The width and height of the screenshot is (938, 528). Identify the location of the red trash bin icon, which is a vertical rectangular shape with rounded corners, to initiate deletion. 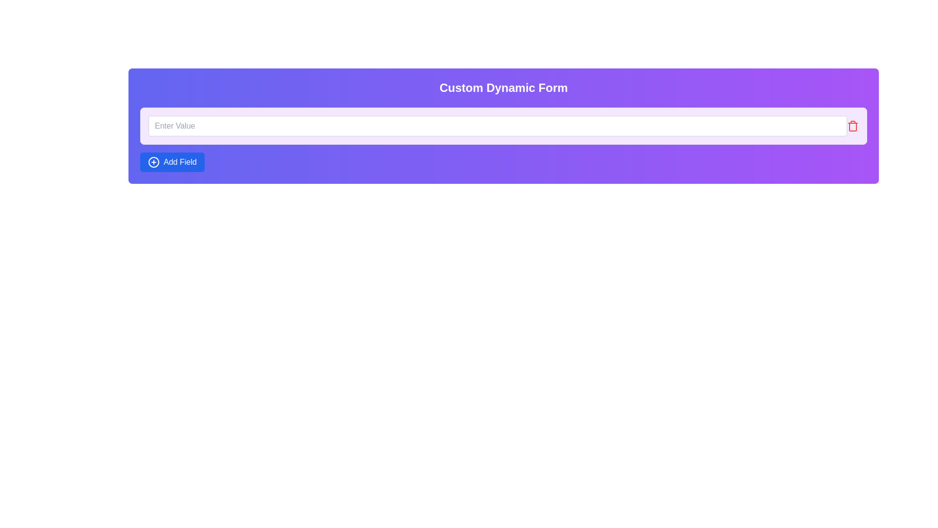
(853, 126).